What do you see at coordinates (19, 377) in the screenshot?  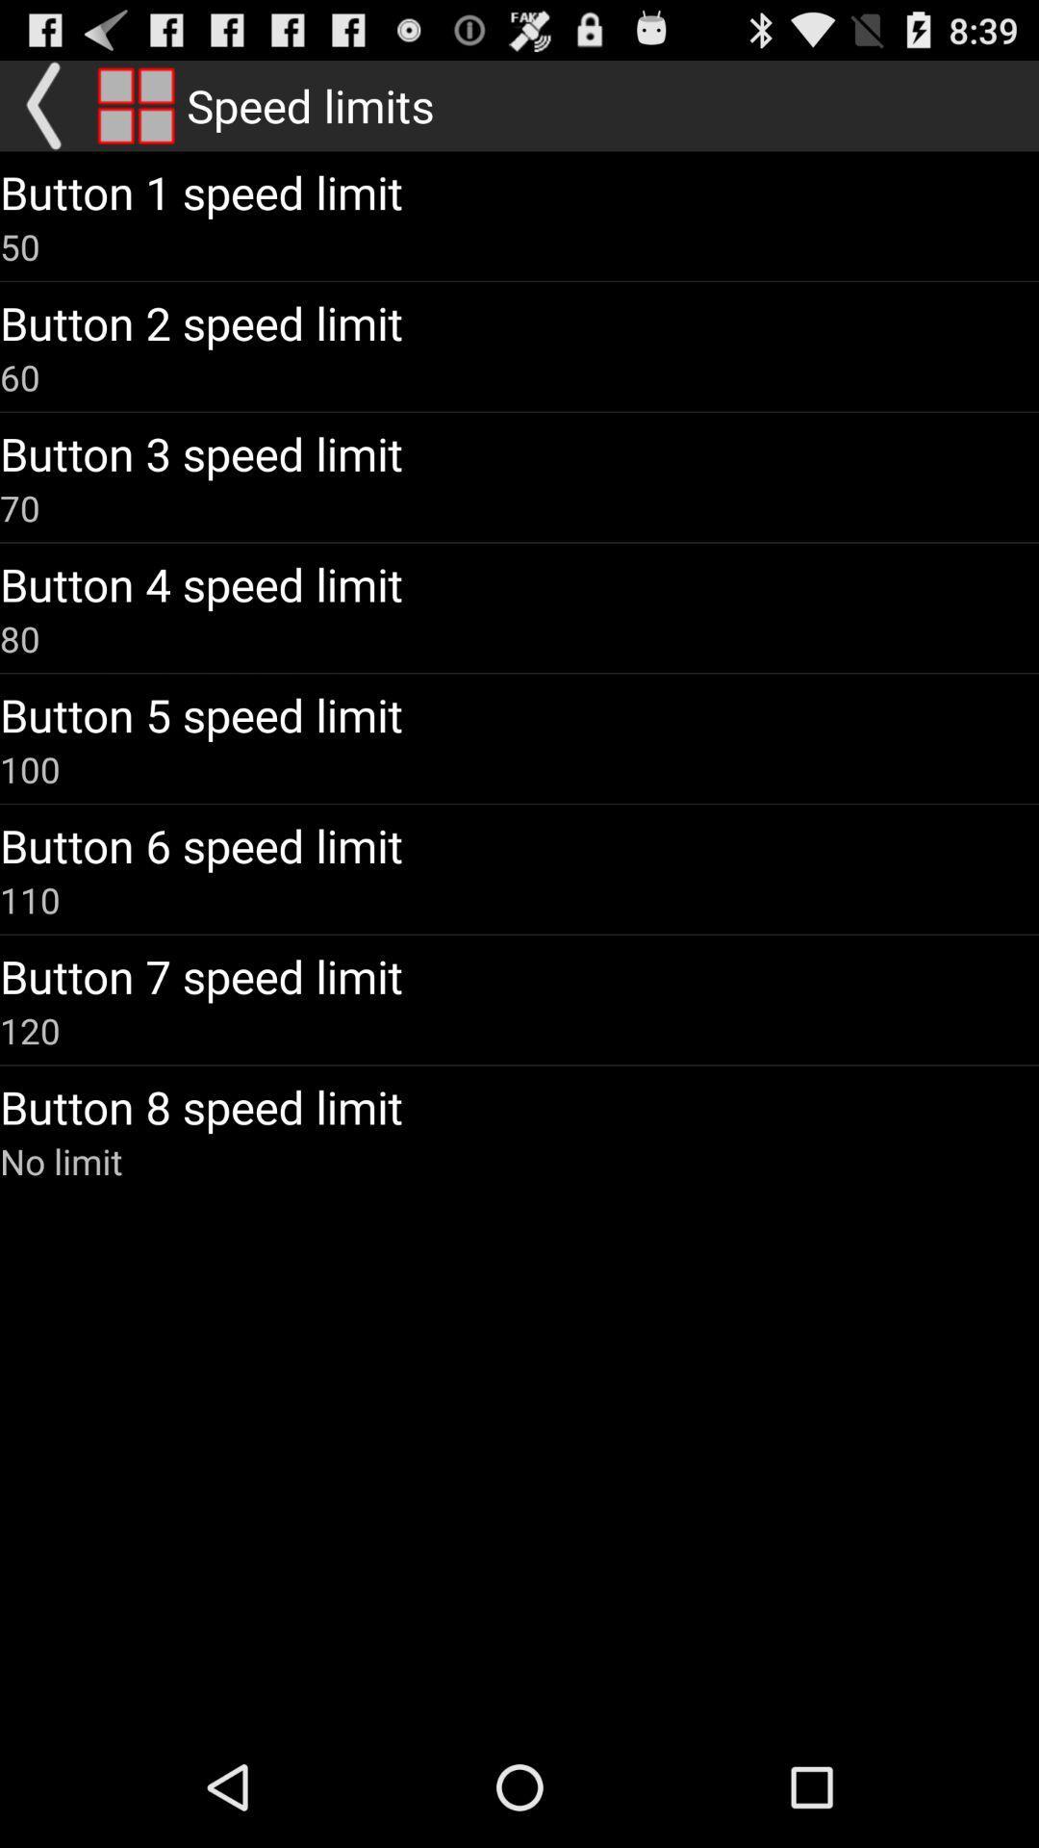 I see `the 60 item` at bounding box center [19, 377].